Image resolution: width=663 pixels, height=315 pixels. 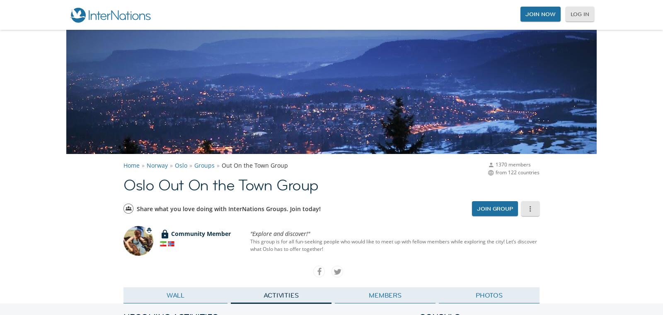 What do you see at coordinates (393, 245) in the screenshot?
I see `'This group is for all fun-seeking people who would like to meet up with fellow members while exploring the city! Let’s discover what Oslo has to offer together!'` at bounding box center [393, 245].